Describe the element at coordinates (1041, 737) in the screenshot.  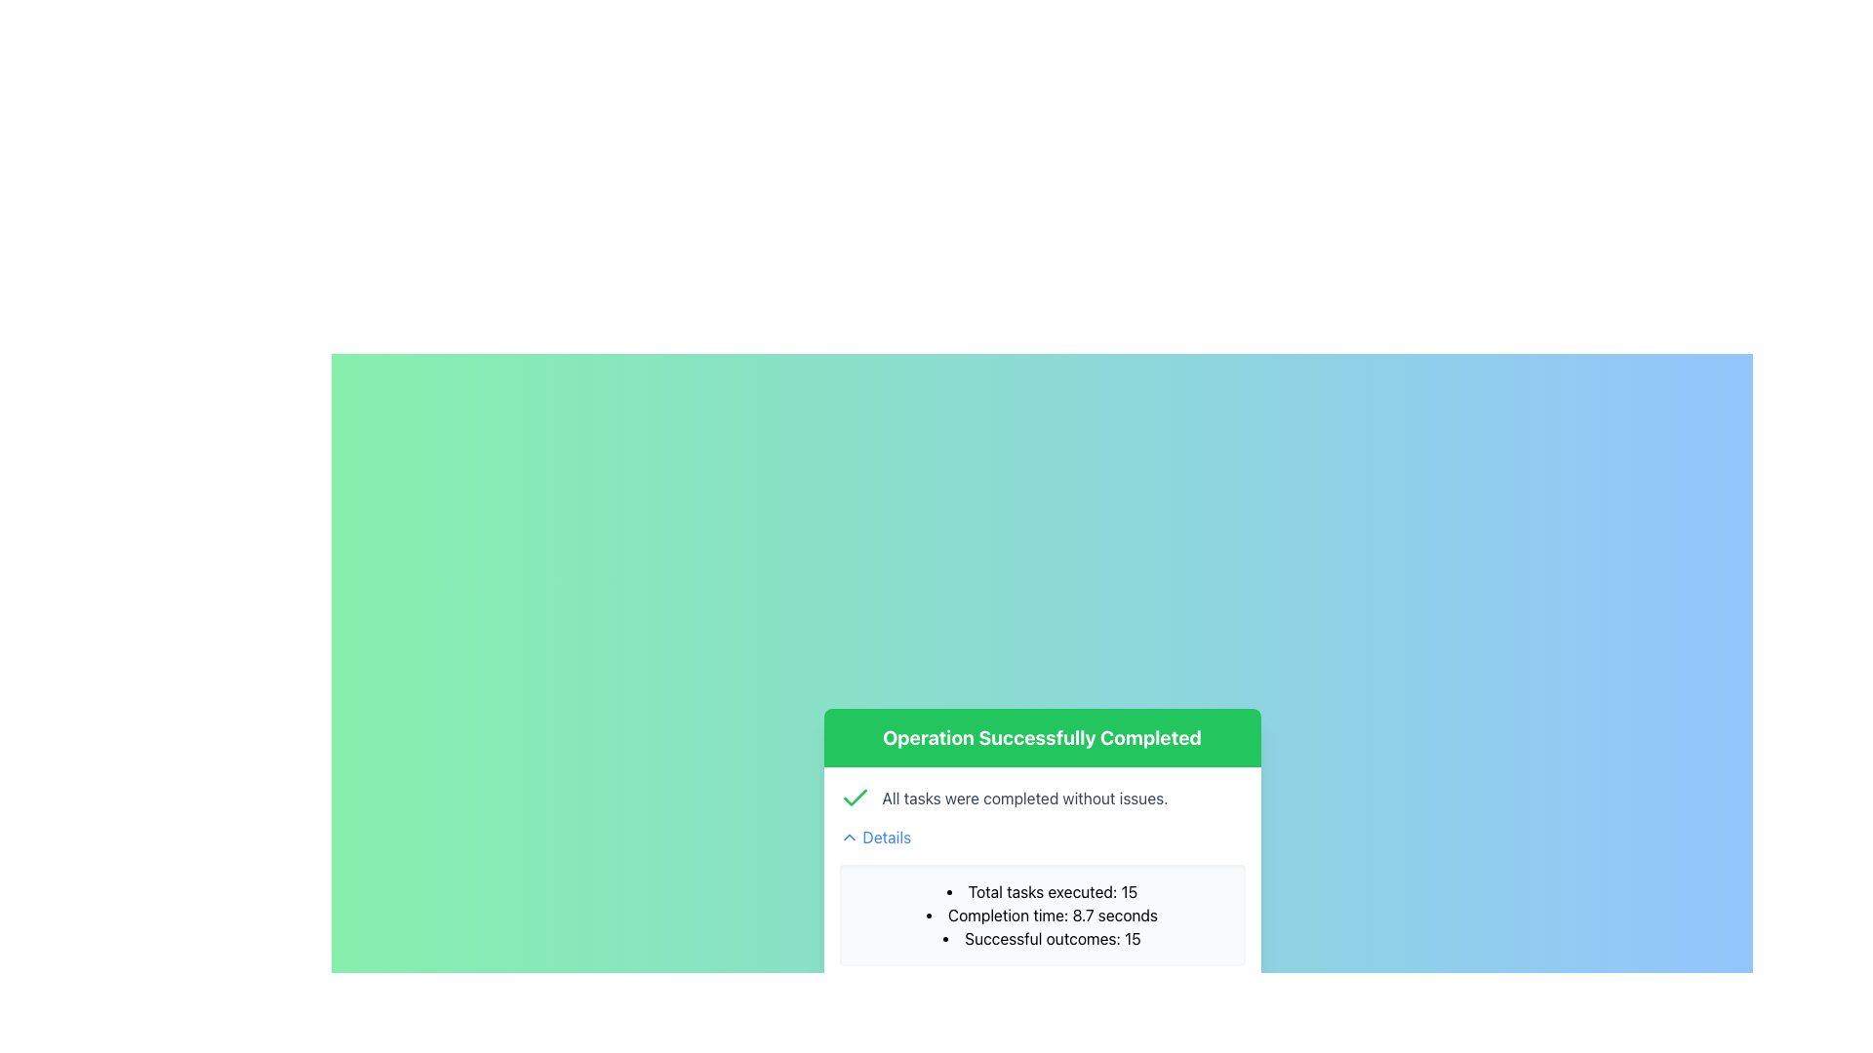
I see `the status message text label indicating a successful operation, located at the top of the notification card layout` at that location.